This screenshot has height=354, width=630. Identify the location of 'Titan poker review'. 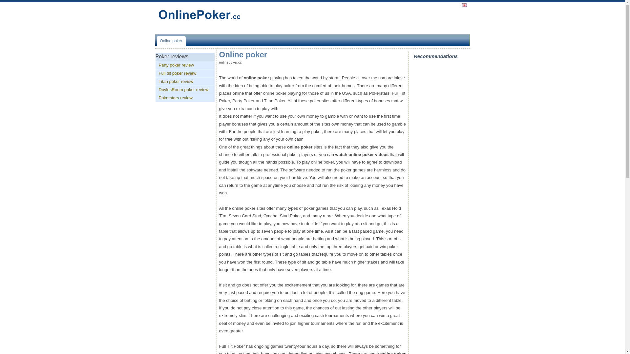
(185, 81).